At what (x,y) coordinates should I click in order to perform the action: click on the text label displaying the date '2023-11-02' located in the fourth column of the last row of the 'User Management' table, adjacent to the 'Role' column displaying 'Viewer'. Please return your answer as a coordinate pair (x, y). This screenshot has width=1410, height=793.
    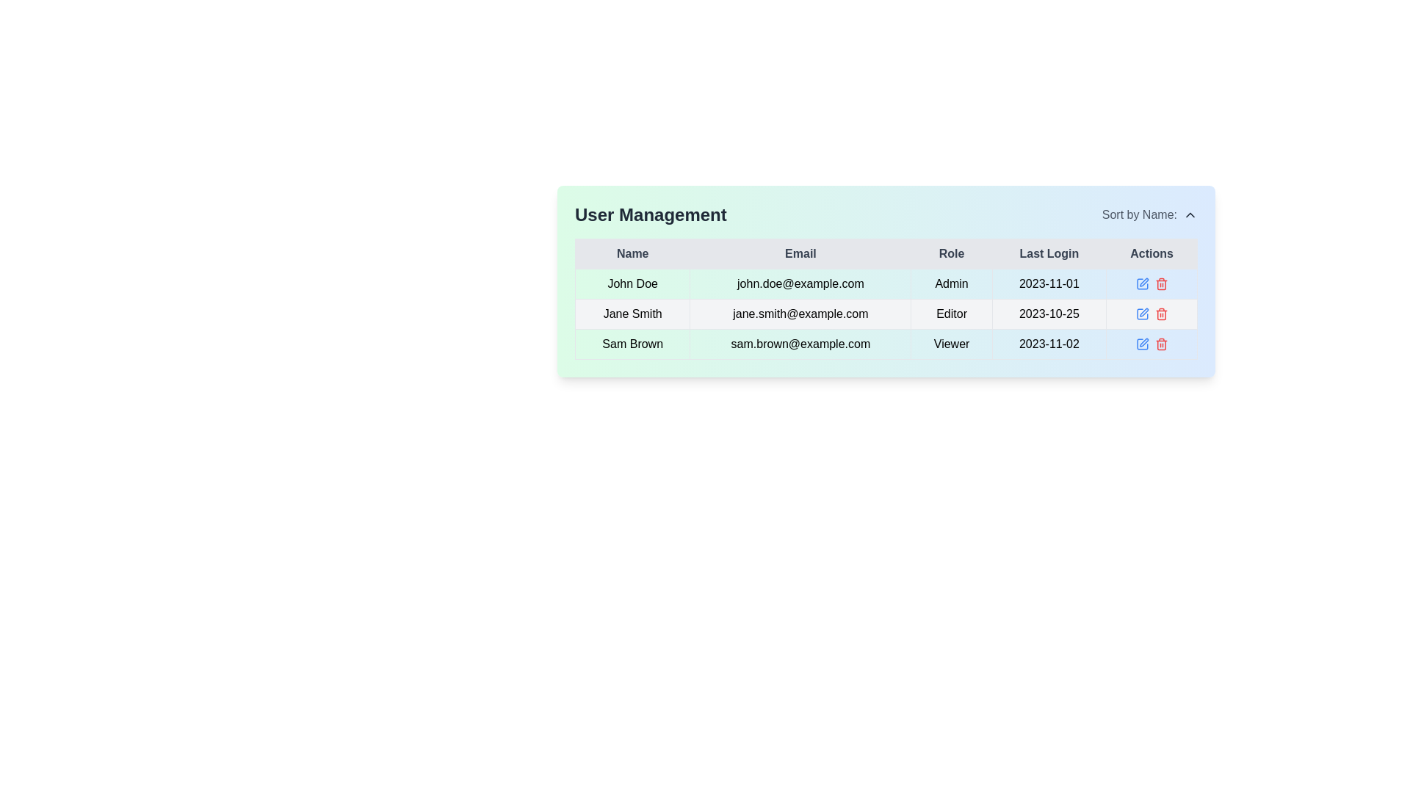
    Looking at the image, I should click on (1048, 344).